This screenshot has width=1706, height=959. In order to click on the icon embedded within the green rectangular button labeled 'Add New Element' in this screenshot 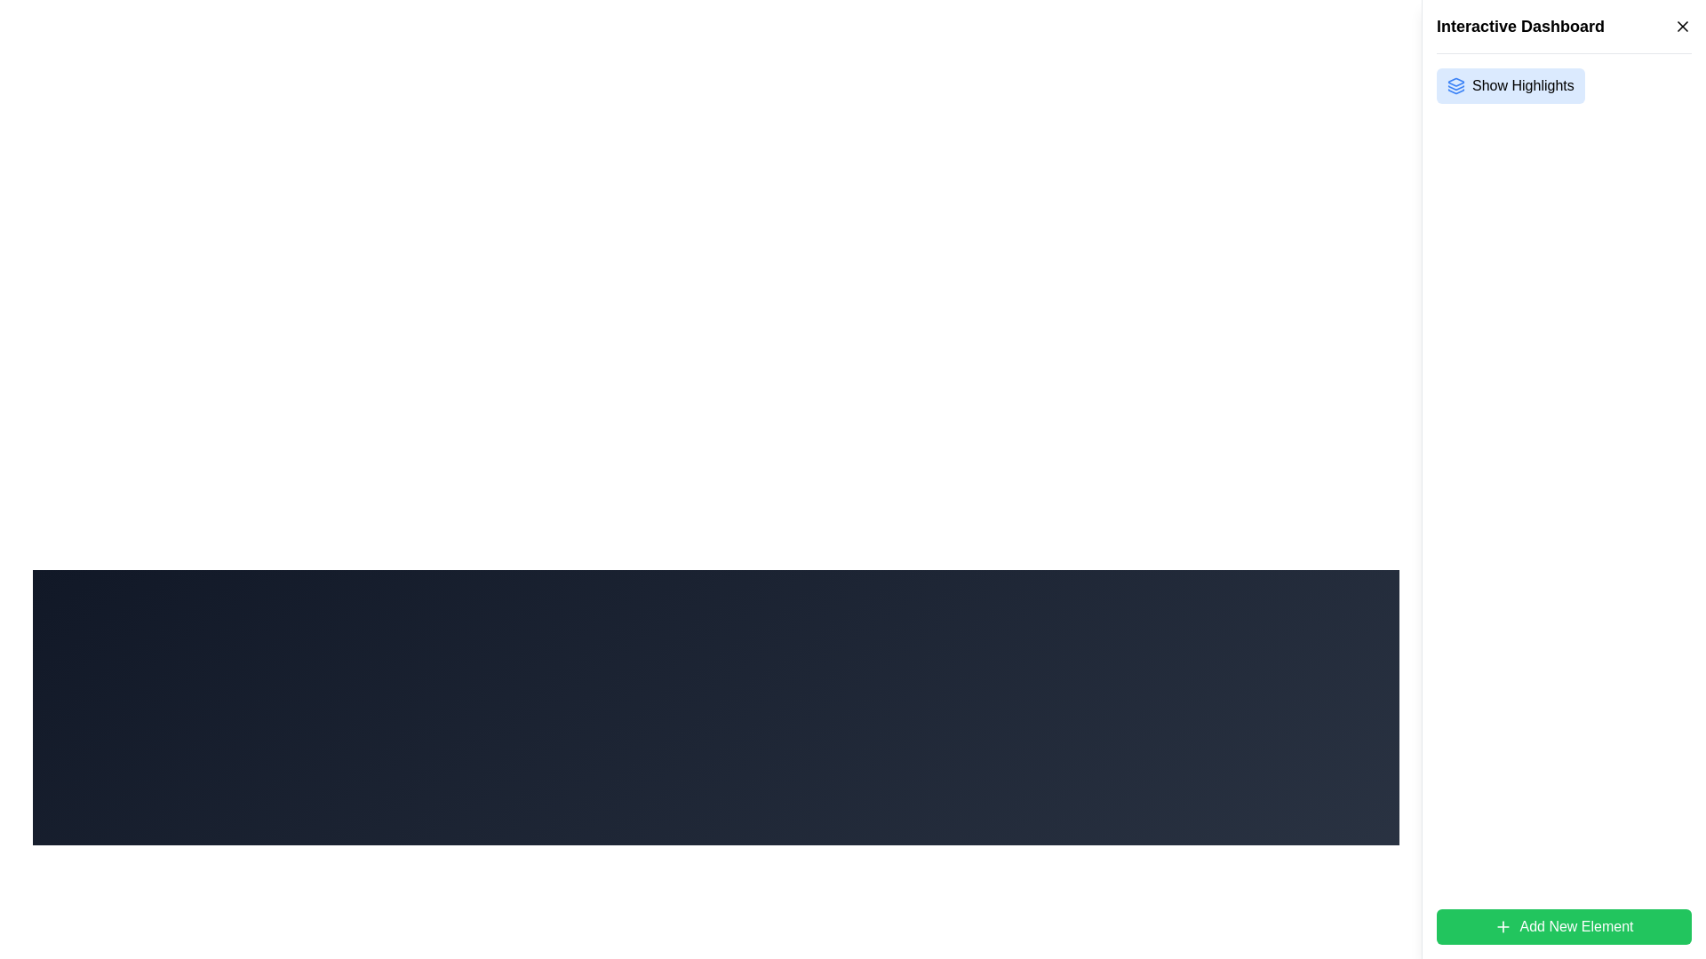, I will do `click(1503, 926)`.